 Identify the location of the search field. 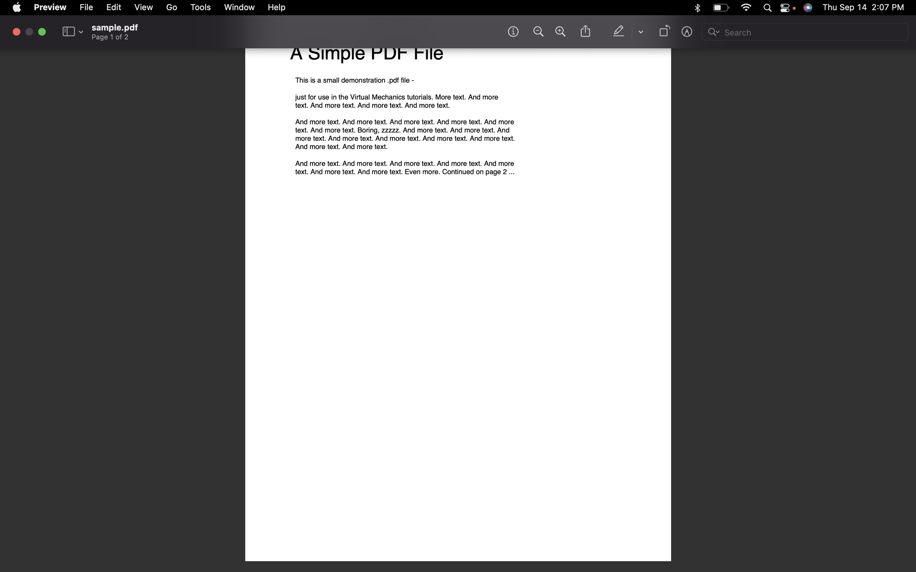
(805, 33).